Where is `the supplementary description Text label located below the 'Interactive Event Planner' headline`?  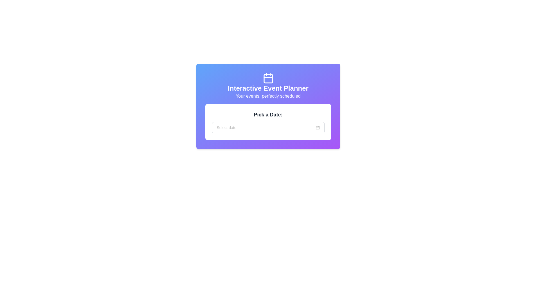
the supplementary description Text label located below the 'Interactive Event Planner' headline is located at coordinates (268, 96).